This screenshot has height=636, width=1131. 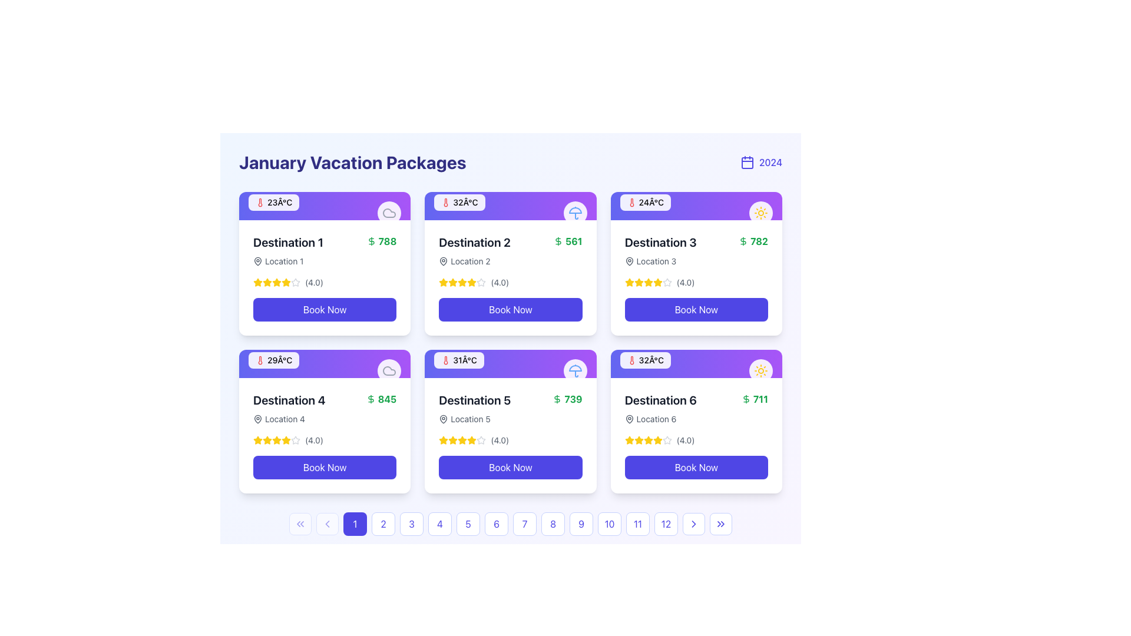 I want to click on text displayed in the Text Label located within the Destination 3 card, which provides geographical location information associated with the destination, so click(x=660, y=260).